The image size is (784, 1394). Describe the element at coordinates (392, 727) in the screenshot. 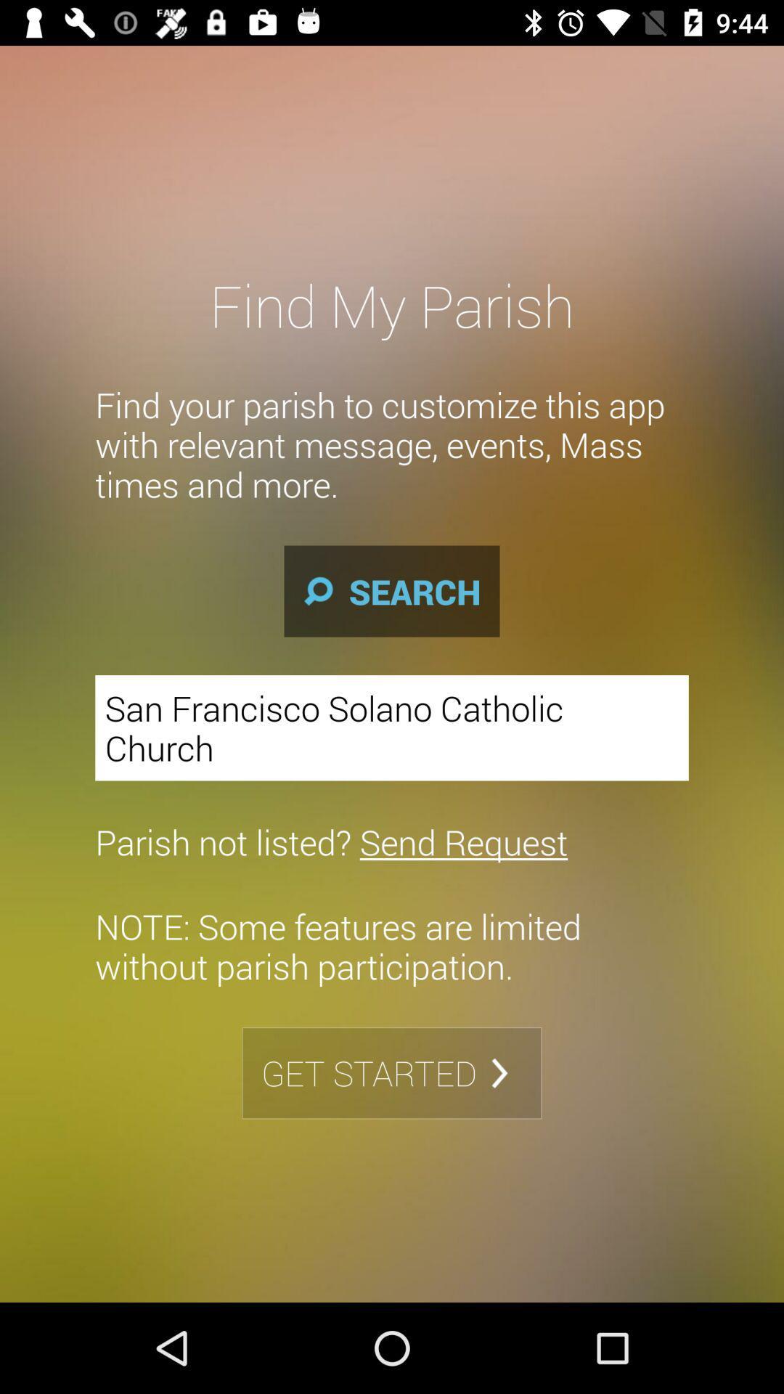

I see `the item below the search` at that location.